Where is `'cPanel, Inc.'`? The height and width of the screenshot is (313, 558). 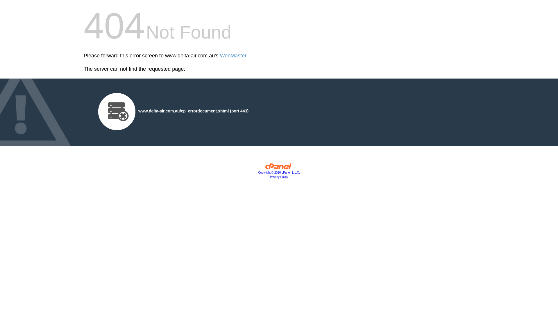 'cPanel, Inc.' is located at coordinates (279, 168).